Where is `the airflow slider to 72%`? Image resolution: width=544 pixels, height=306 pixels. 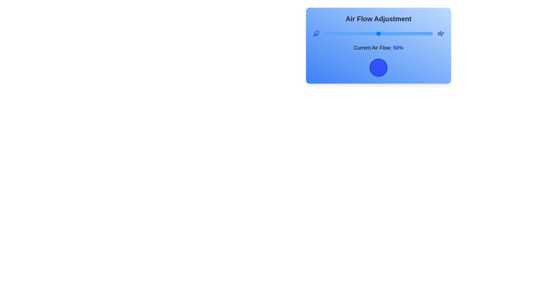
the airflow slider to 72% is located at coordinates (402, 34).